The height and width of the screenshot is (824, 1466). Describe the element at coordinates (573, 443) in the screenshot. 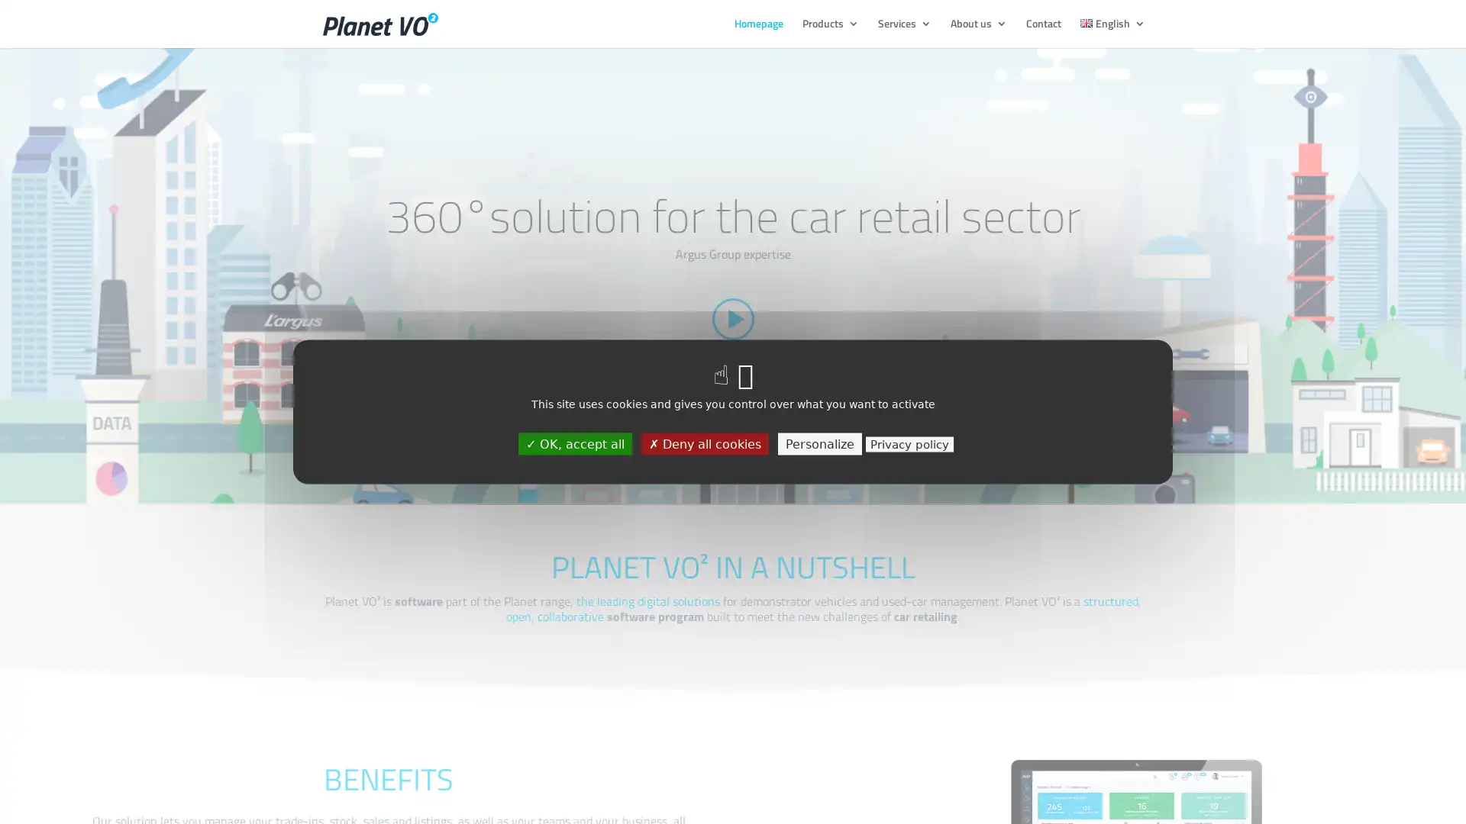

I see `OK, accept all` at that location.